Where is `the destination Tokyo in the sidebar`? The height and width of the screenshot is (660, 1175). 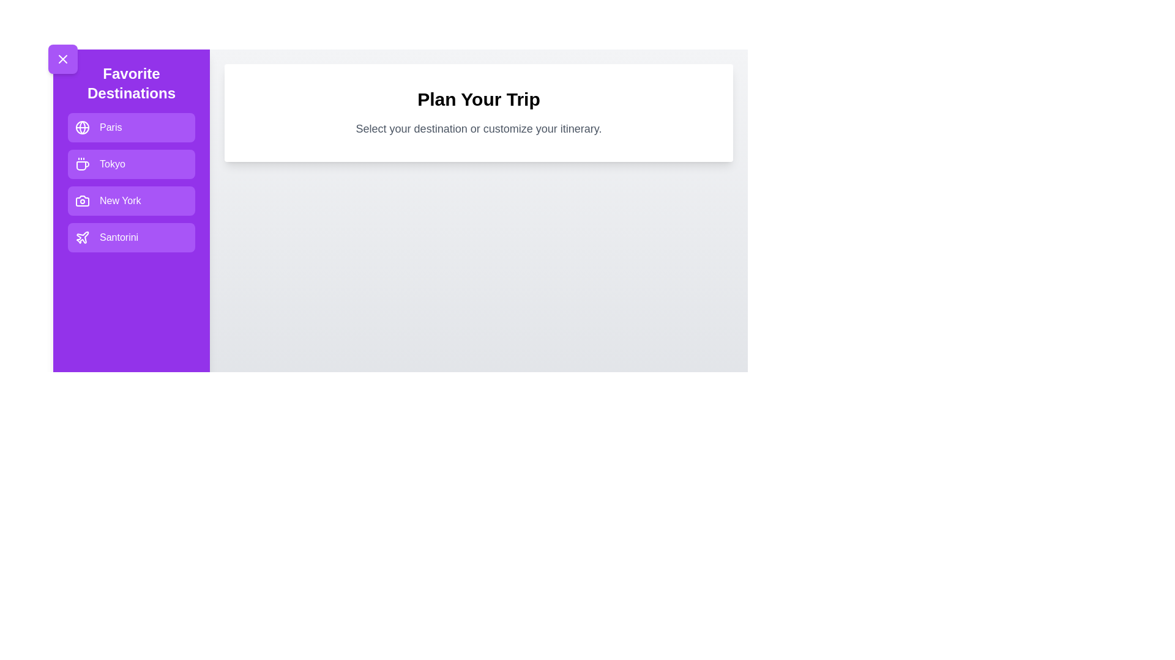
the destination Tokyo in the sidebar is located at coordinates (132, 164).